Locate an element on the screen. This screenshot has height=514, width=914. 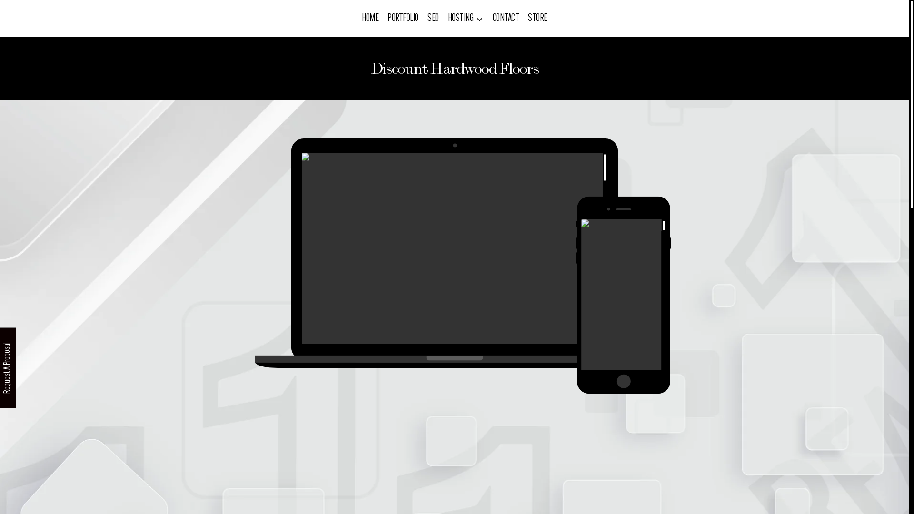
'PORTFOLIO' is located at coordinates (403, 18).